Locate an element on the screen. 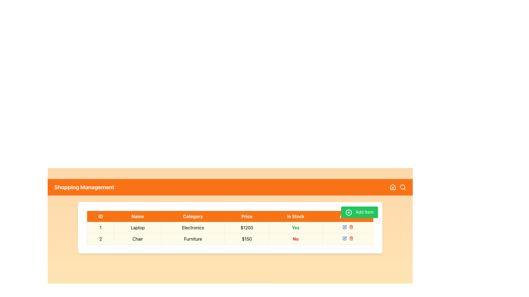 Image resolution: width=529 pixels, height=297 pixels. the text label 'No' displayed in bold red font, located centrally in the 'In Stock' column of the second row of the data table is located at coordinates (295, 238).